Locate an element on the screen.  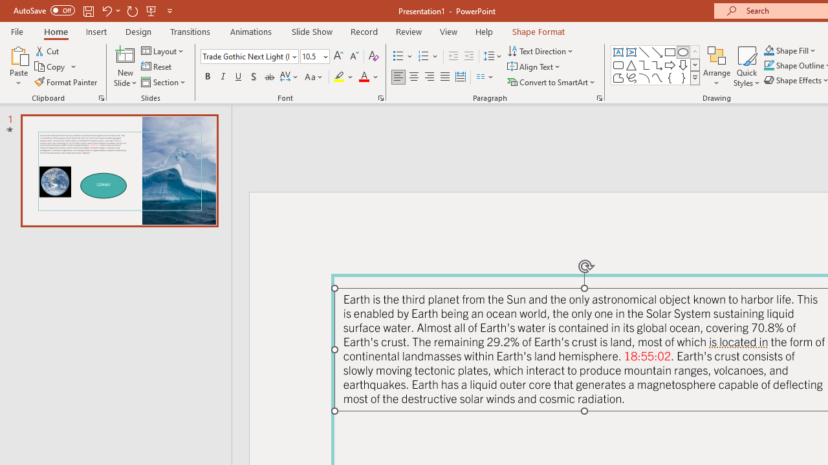
'Freeform: Scribble' is located at coordinates (631, 77).